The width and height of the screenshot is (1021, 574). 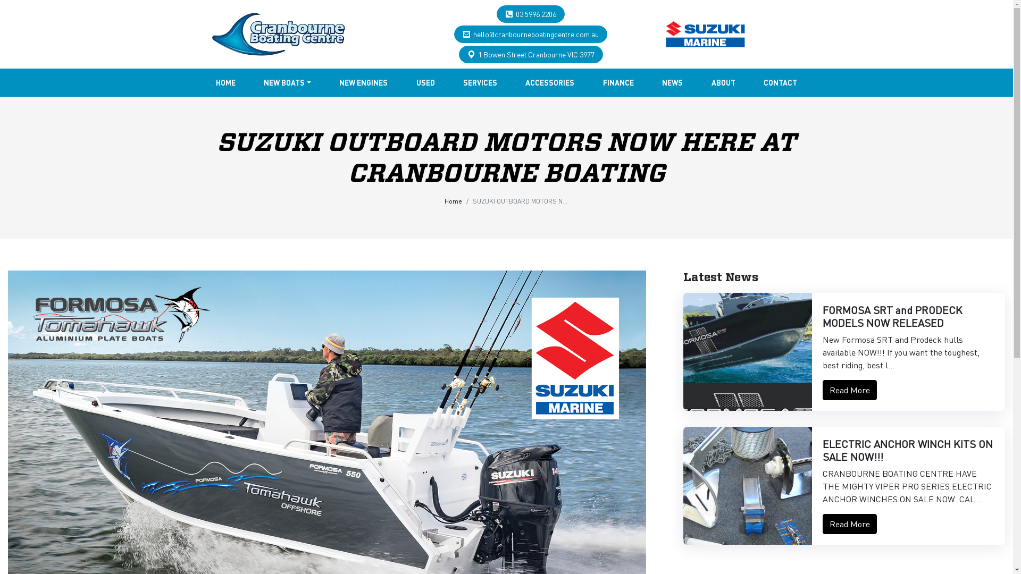 What do you see at coordinates (907, 450) in the screenshot?
I see `'ELECTRIC ANCHOR WINCH KITS ON SALE NOW!!!'` at bounding box center [907, 450].